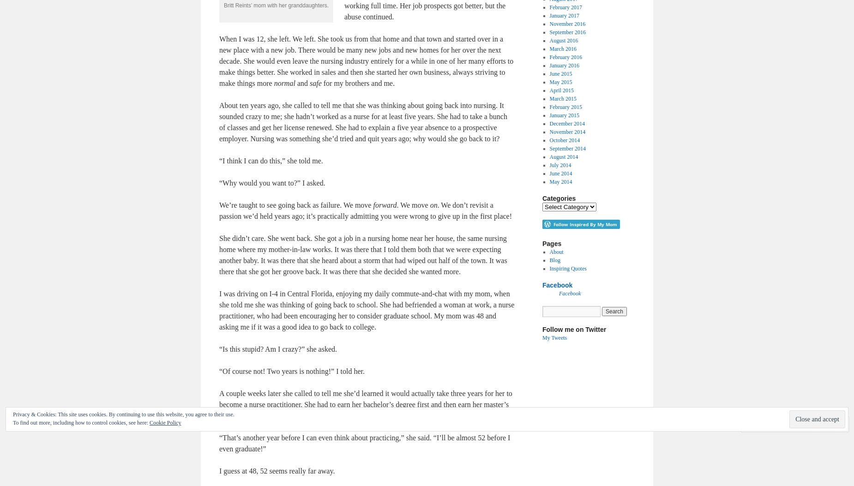 This screenshot has height=486, width=854. Describe the element at coordinates (277, 470) in the screenshot. I see `'I guess at 48, 52 seems really far away.'` at that location.